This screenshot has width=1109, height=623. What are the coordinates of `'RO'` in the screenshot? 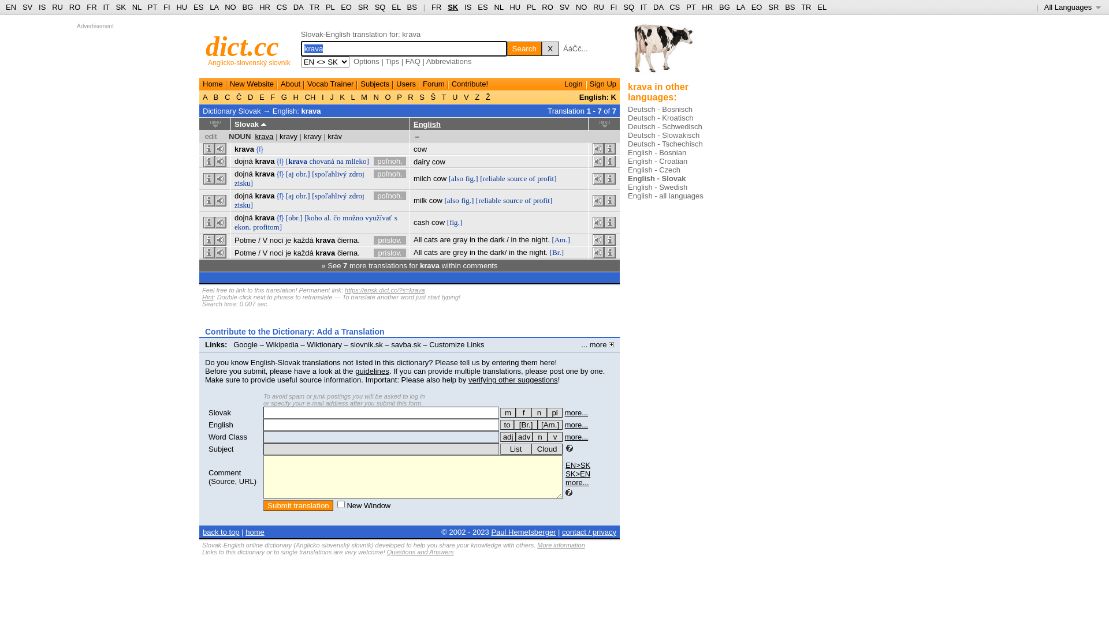 It's located at (541, 7).